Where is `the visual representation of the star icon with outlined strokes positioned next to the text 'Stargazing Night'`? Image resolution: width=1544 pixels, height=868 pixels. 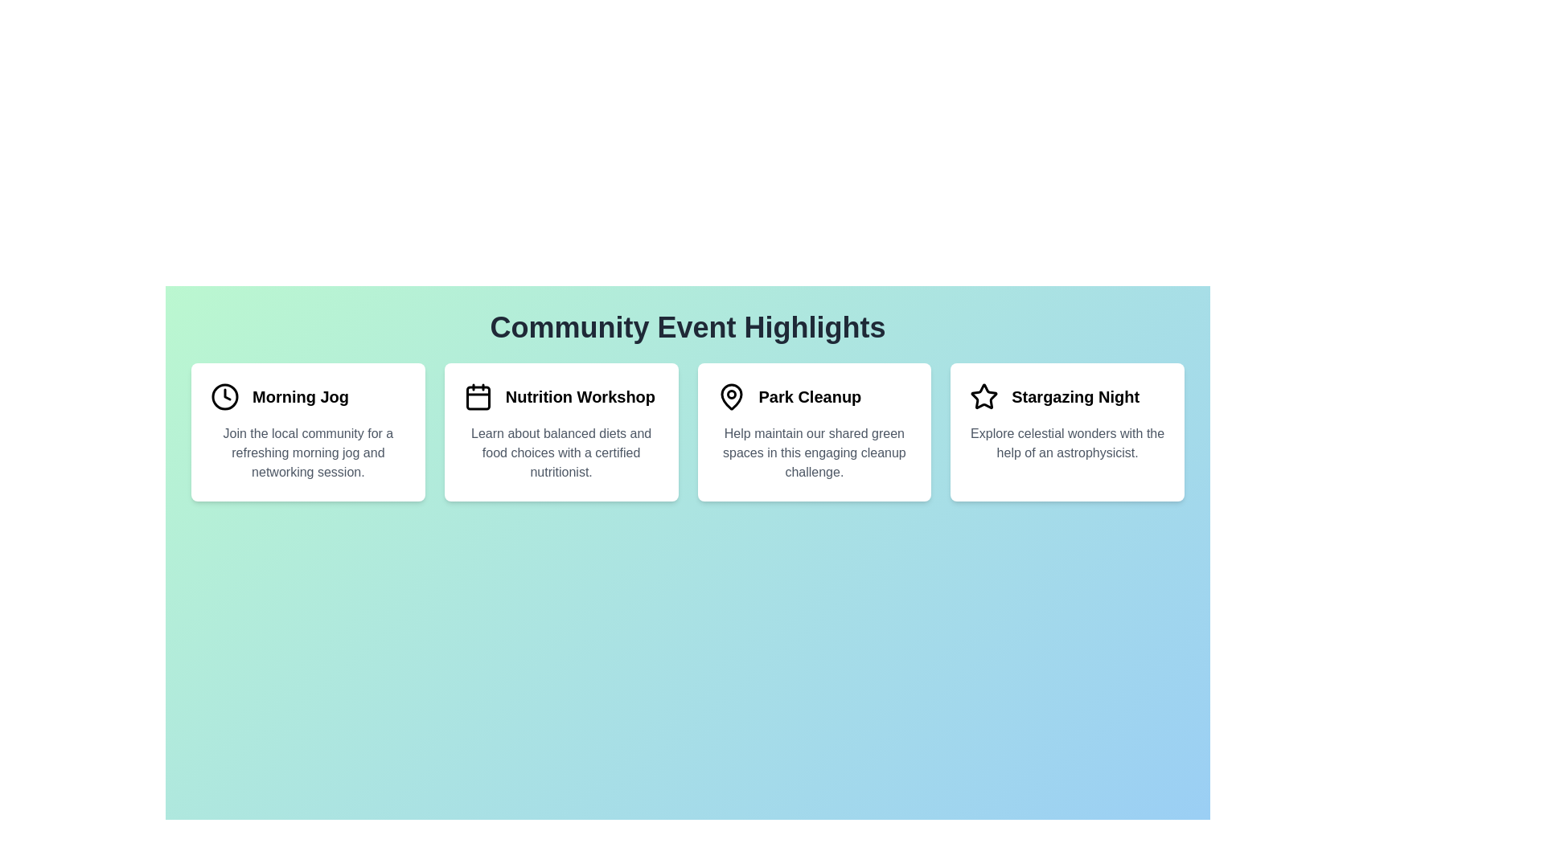 the visual representation of the star icon with outlined strokes positioned next to the text 'Stargazing Night' is located at coordinates (983, 396).